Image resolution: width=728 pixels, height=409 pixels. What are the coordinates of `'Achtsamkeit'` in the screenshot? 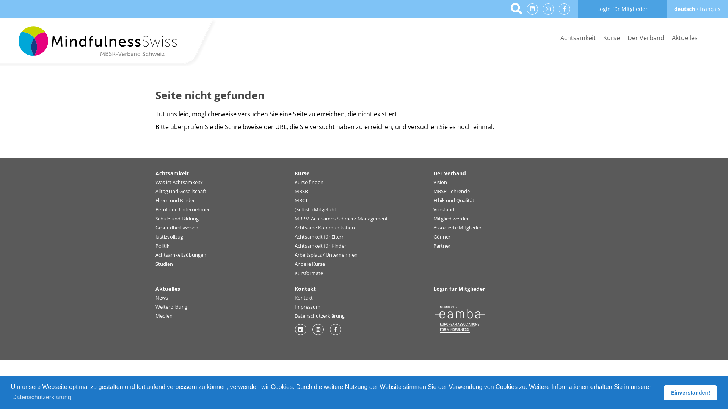 It's located at (577, 38).